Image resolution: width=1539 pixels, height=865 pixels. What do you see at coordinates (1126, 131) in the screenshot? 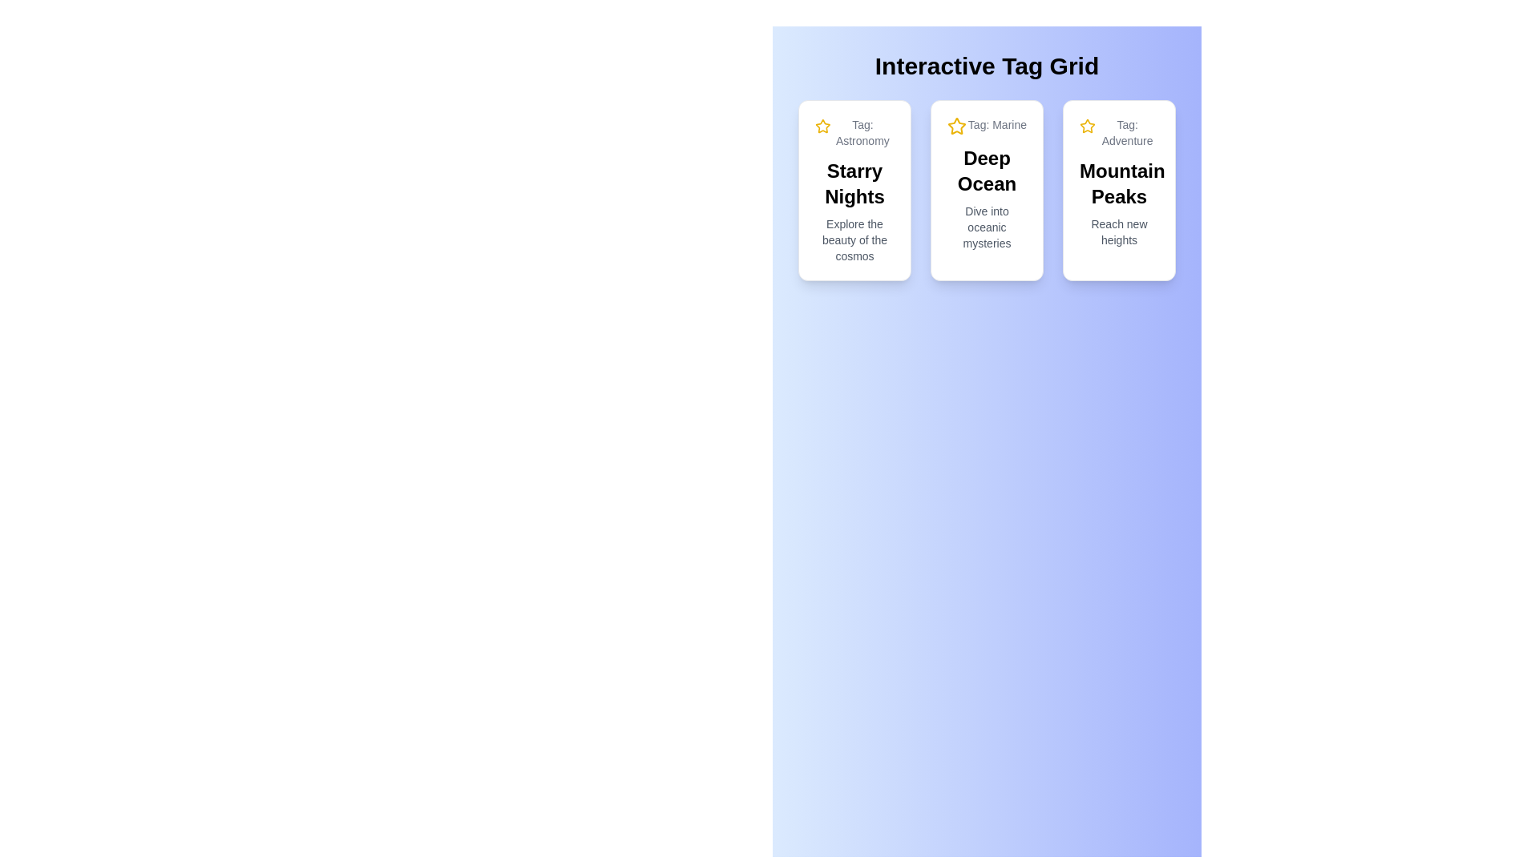
I see `the static text label that categorizes the card content as 'Adventure', located in the upper left of the third card from the left, next to a star icon` at bounding box center [1126, 131].